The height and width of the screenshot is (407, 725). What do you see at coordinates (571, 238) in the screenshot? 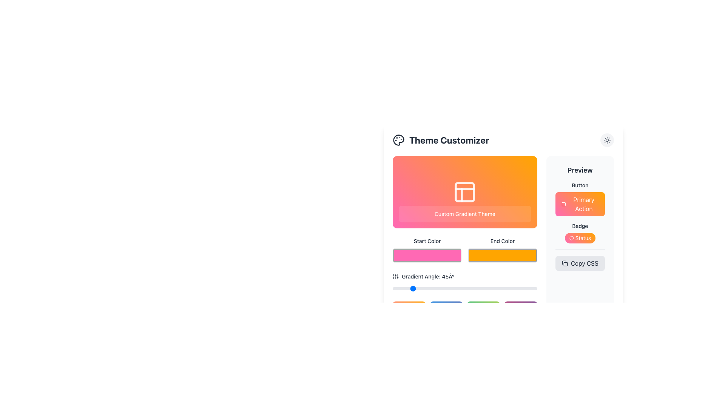
I see `small circle vector graphic icon with a stroke outline next to the 'Status' text in the badge component in the Preview section` at bounding box center [571, 238].